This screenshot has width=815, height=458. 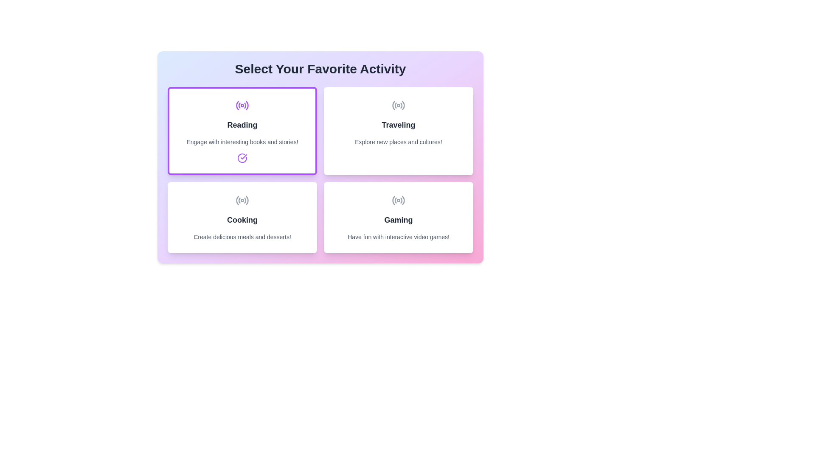 What do you see at coordinates (237, 105) in the screenshot?
I see `the decorative radio wave icon located at the top-left part of the radio icon graphic, which enhances the representation of broadcasting or sound-related concepts` at bounding box center [237, 105].